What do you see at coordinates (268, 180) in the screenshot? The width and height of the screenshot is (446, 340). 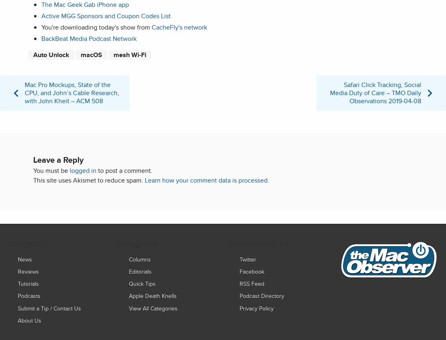 I see `'.'` at bounding box center [268, 180].